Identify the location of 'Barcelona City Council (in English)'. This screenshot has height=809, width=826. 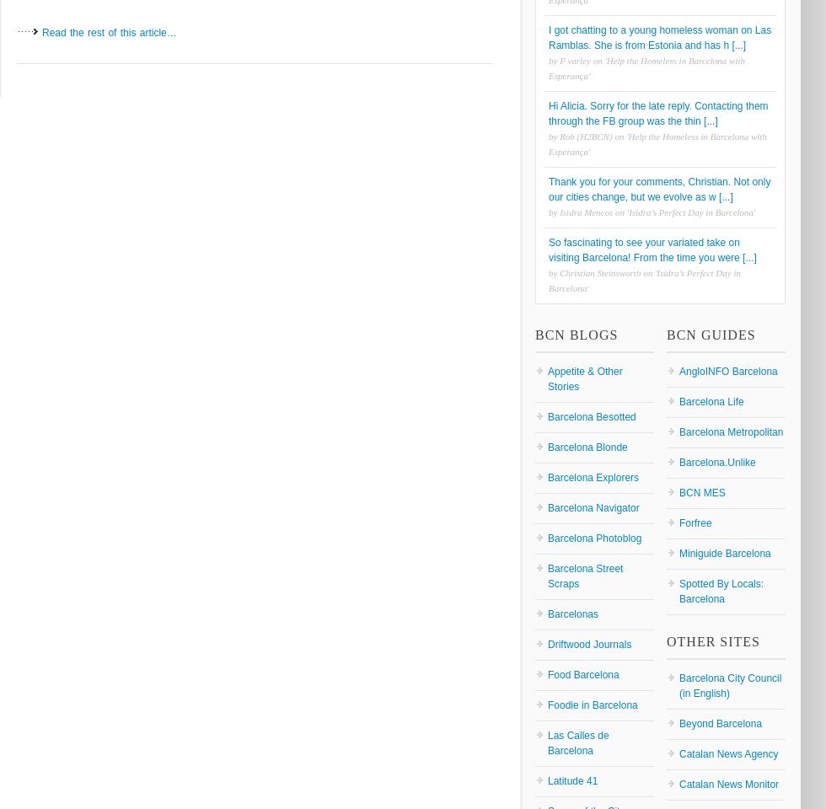
(730, 685).